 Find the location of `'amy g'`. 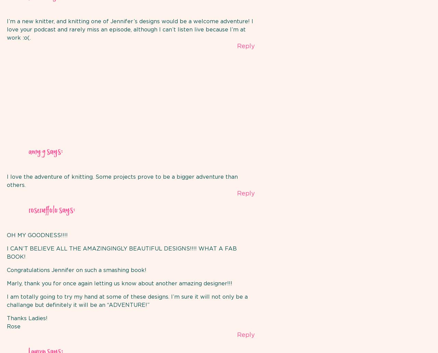

'amy g' is located at coordinates (37, 152).